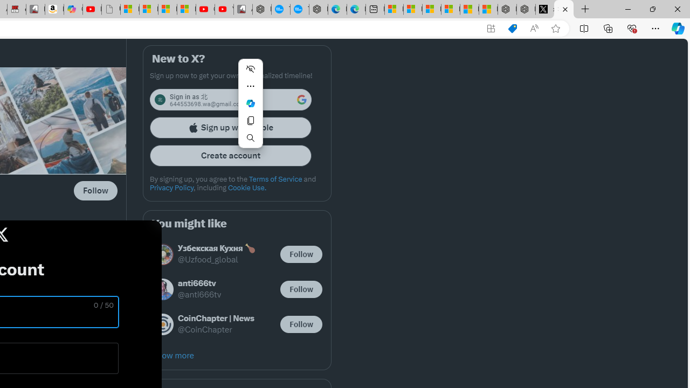  Describe the element at coordinates (250, 85) in the screenshot. I see `'More actions'` at that location.